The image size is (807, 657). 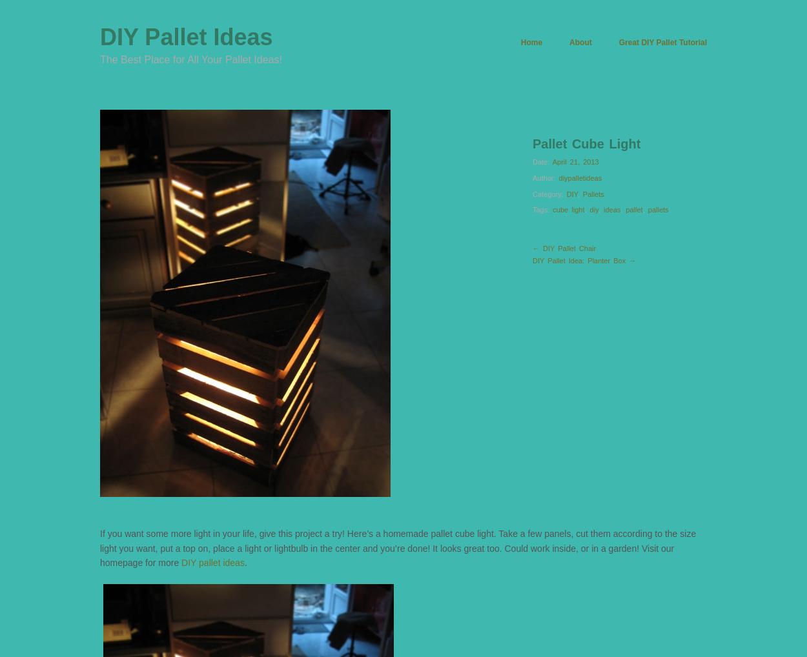 I want to click on 'Pallet Cube Light', so click(x=586, y=143).